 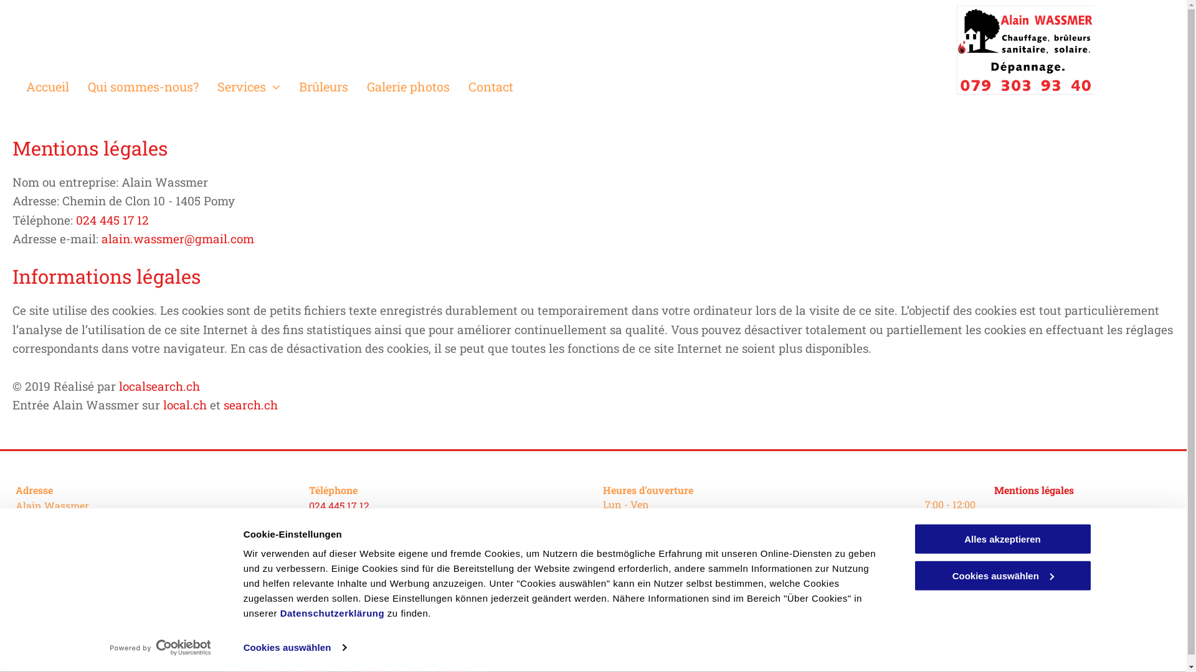 I want to click on 'Alles akzeptieren', so click(x=913, y=538).